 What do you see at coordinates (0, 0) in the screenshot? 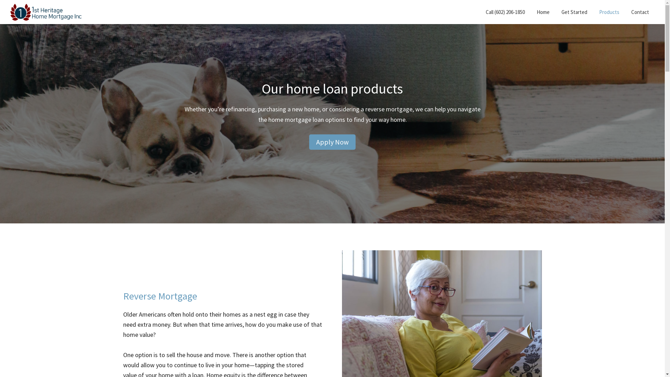
I see `'Skip to primary navigation'` at bounding box center [0, 0].